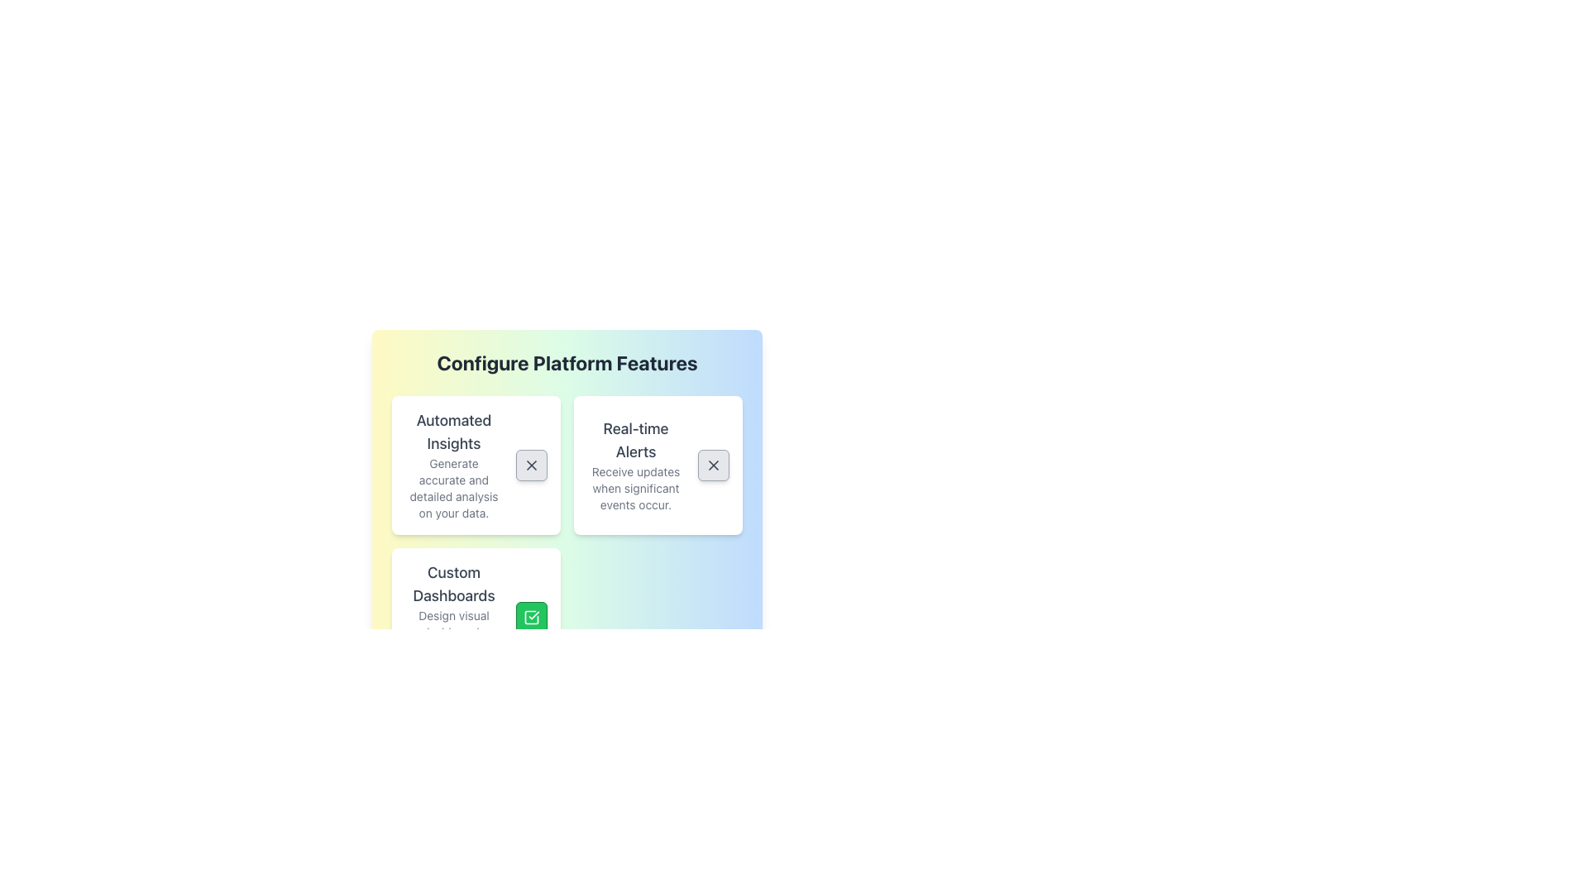  What do you see at coordinates (532, 618) in the screenshot?
I see `the toggle button located at the bottom-right corner of the 'Custom Dashboards' card` at bounding box center [532, 618].